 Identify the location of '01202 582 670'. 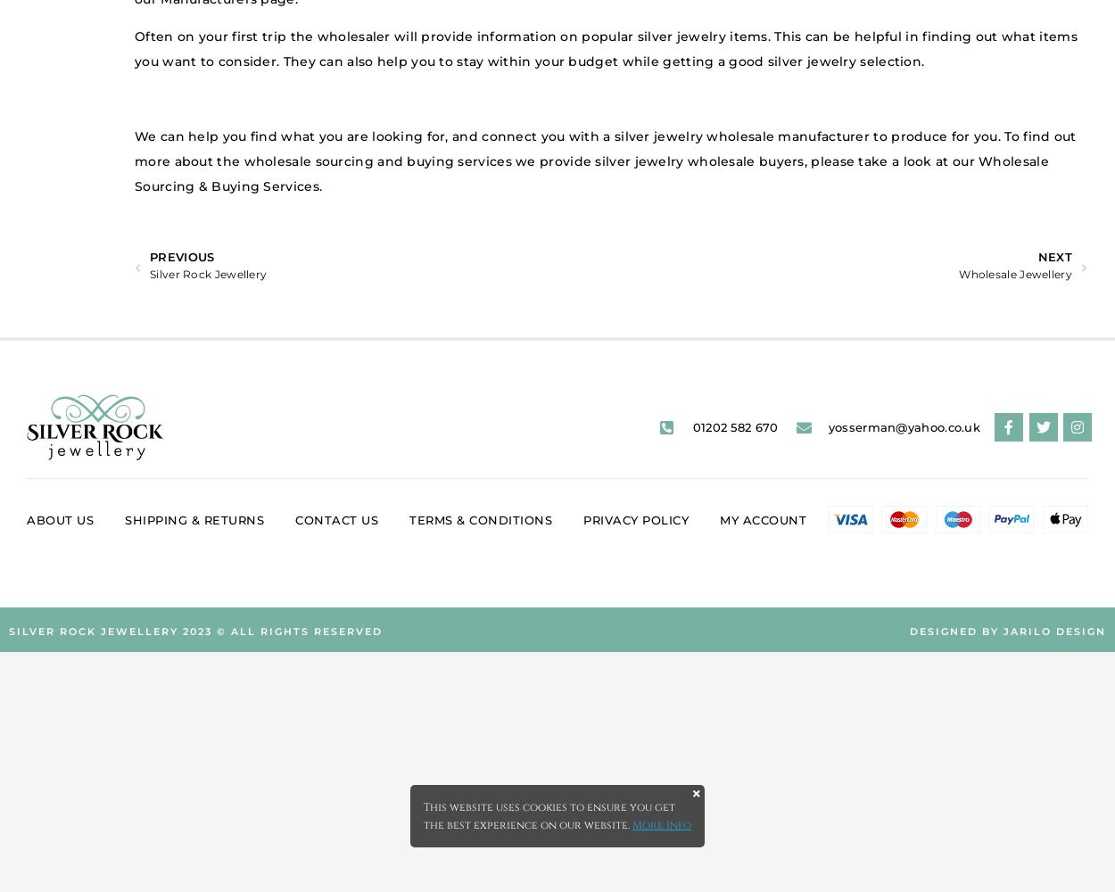
(734, 426).